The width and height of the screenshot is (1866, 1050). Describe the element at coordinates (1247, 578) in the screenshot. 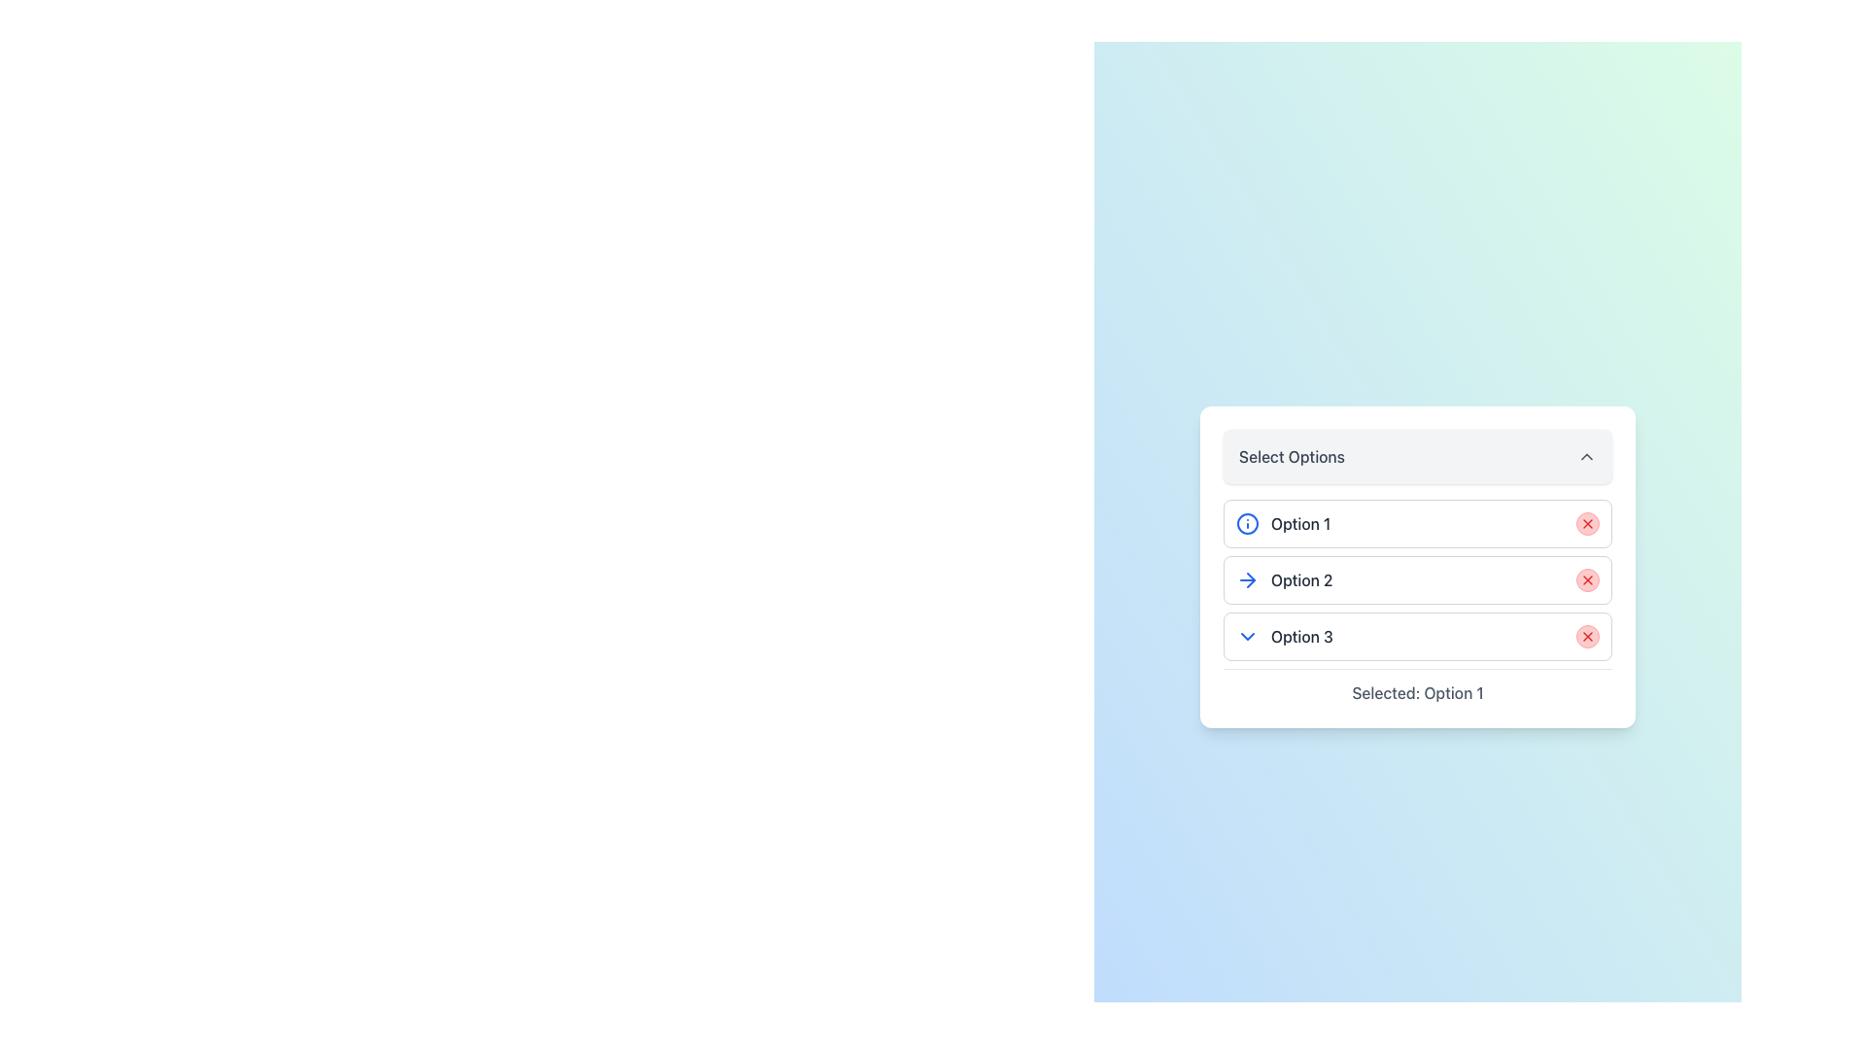

I see `the rightward-pointing blue arrow icon that is part of the 'Option 2' control, located to the left of the label 'Option 2'` at that location.